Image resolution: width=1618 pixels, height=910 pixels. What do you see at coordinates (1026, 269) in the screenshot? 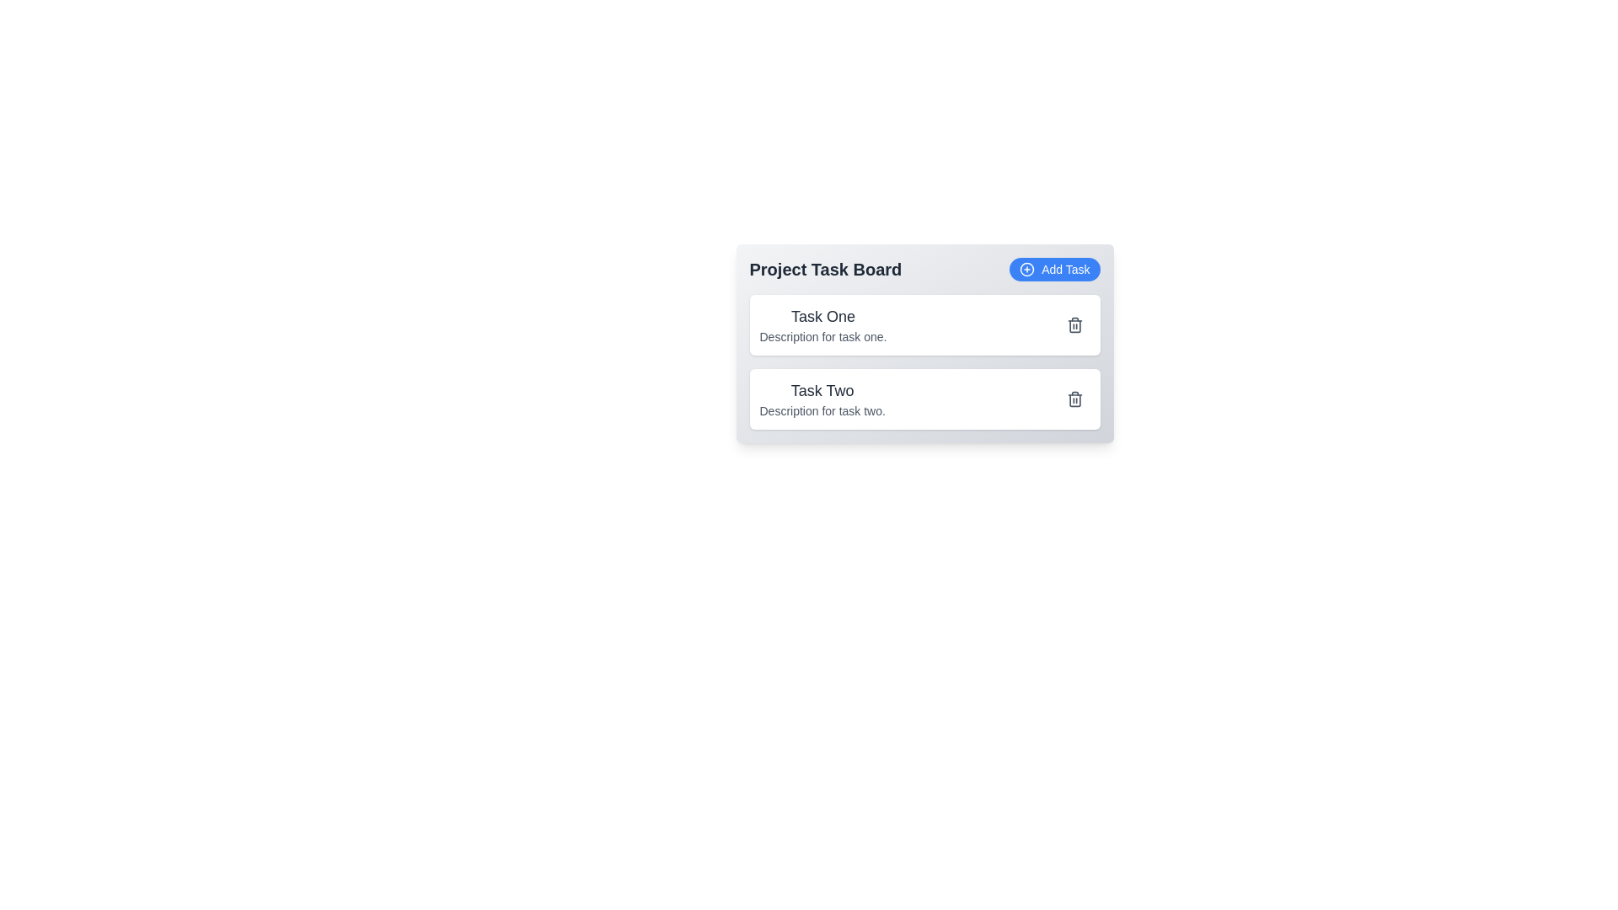
I see `the small circular '+' icon located in the top-right corner of the 'Add Task' button on the 'Project Task Board'` at bounding box center [1026, 269].